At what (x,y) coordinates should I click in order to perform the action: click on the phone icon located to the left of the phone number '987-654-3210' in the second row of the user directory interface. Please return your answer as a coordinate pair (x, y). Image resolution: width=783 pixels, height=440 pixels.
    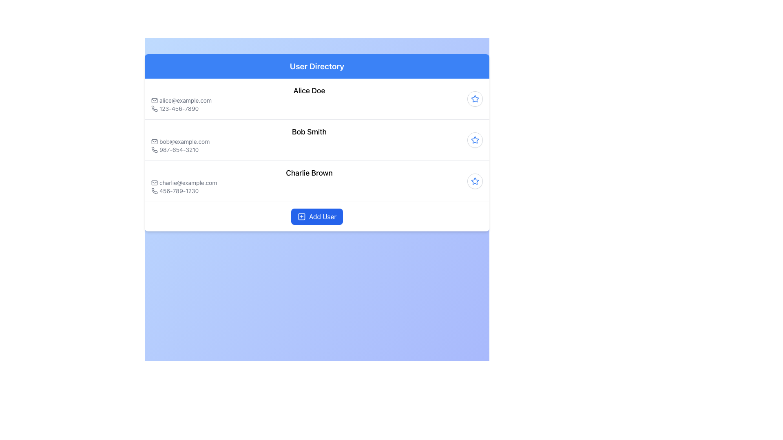
    Looking at the image, I should click on (155, 150).